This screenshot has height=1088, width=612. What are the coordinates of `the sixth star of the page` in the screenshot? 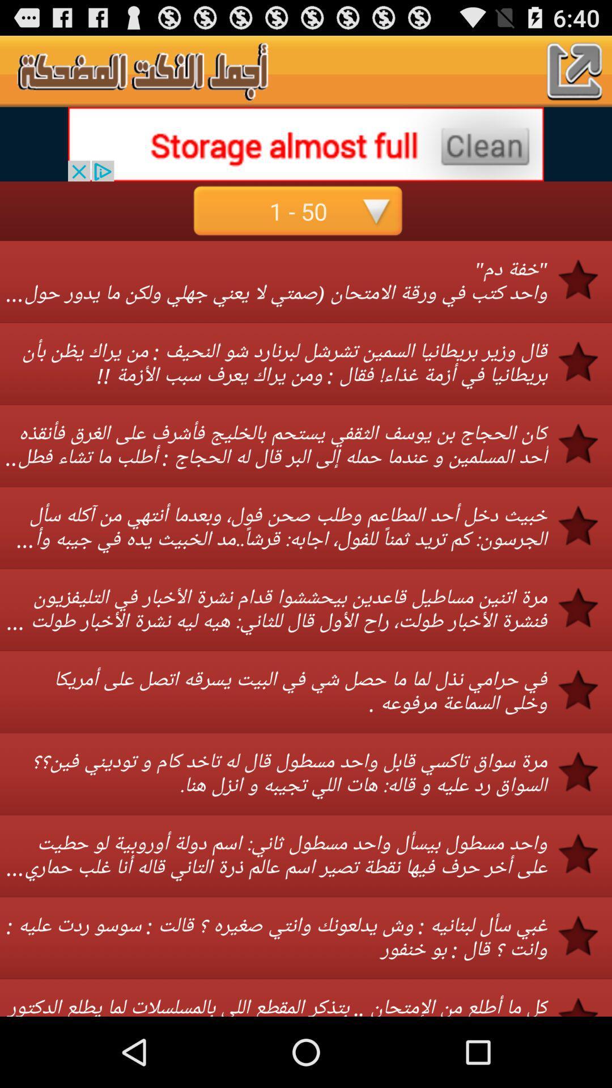 It's located at (585, 689).